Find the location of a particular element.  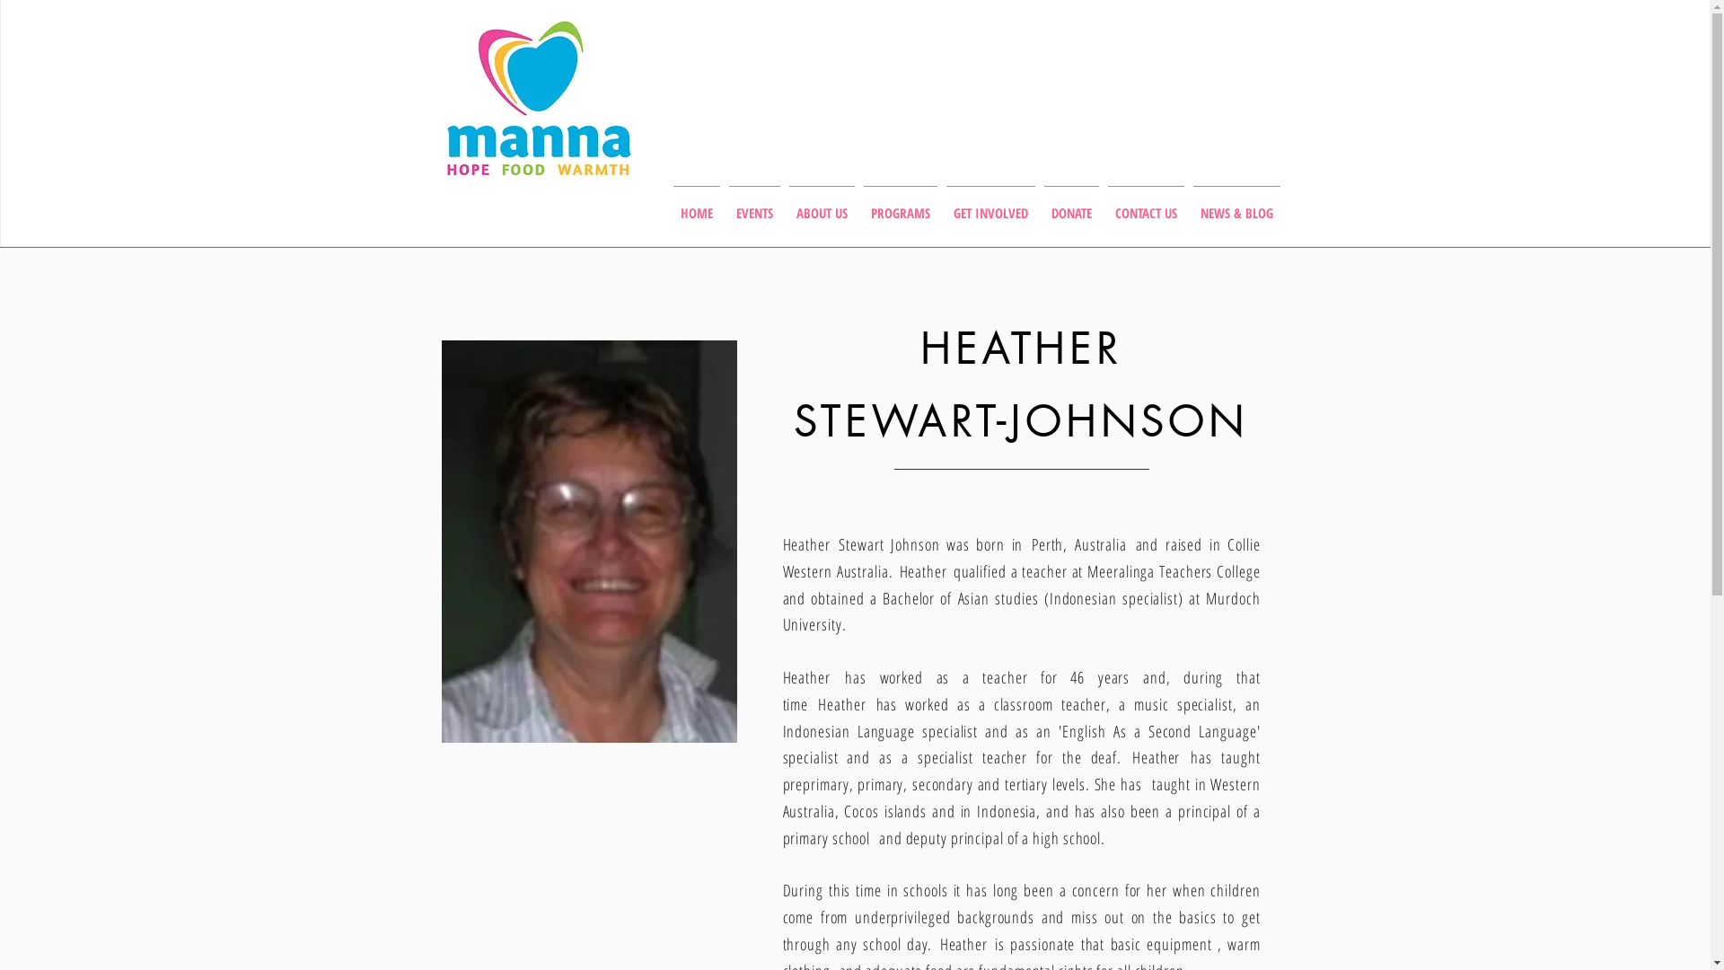

'DONATE' is located at coordinates (1039, 203).